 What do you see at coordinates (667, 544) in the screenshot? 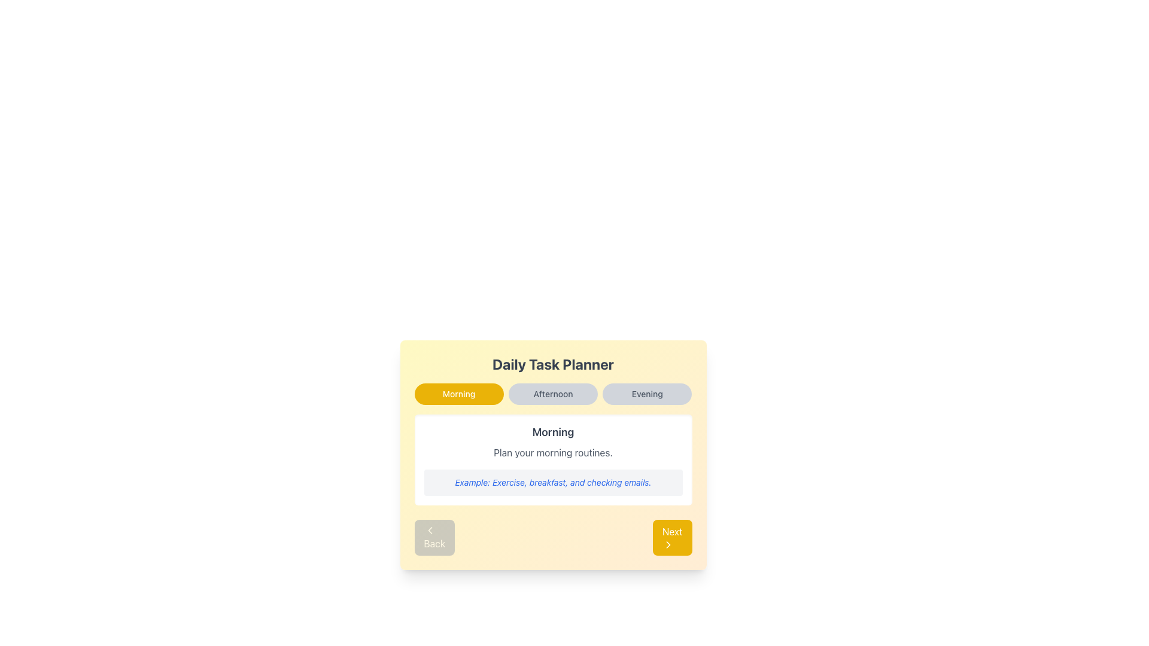
I see `the right-pointing chevron icon inside the 'Next' button located at the bottom-right corner of the task planner UI` at bounding box center [667, 544].